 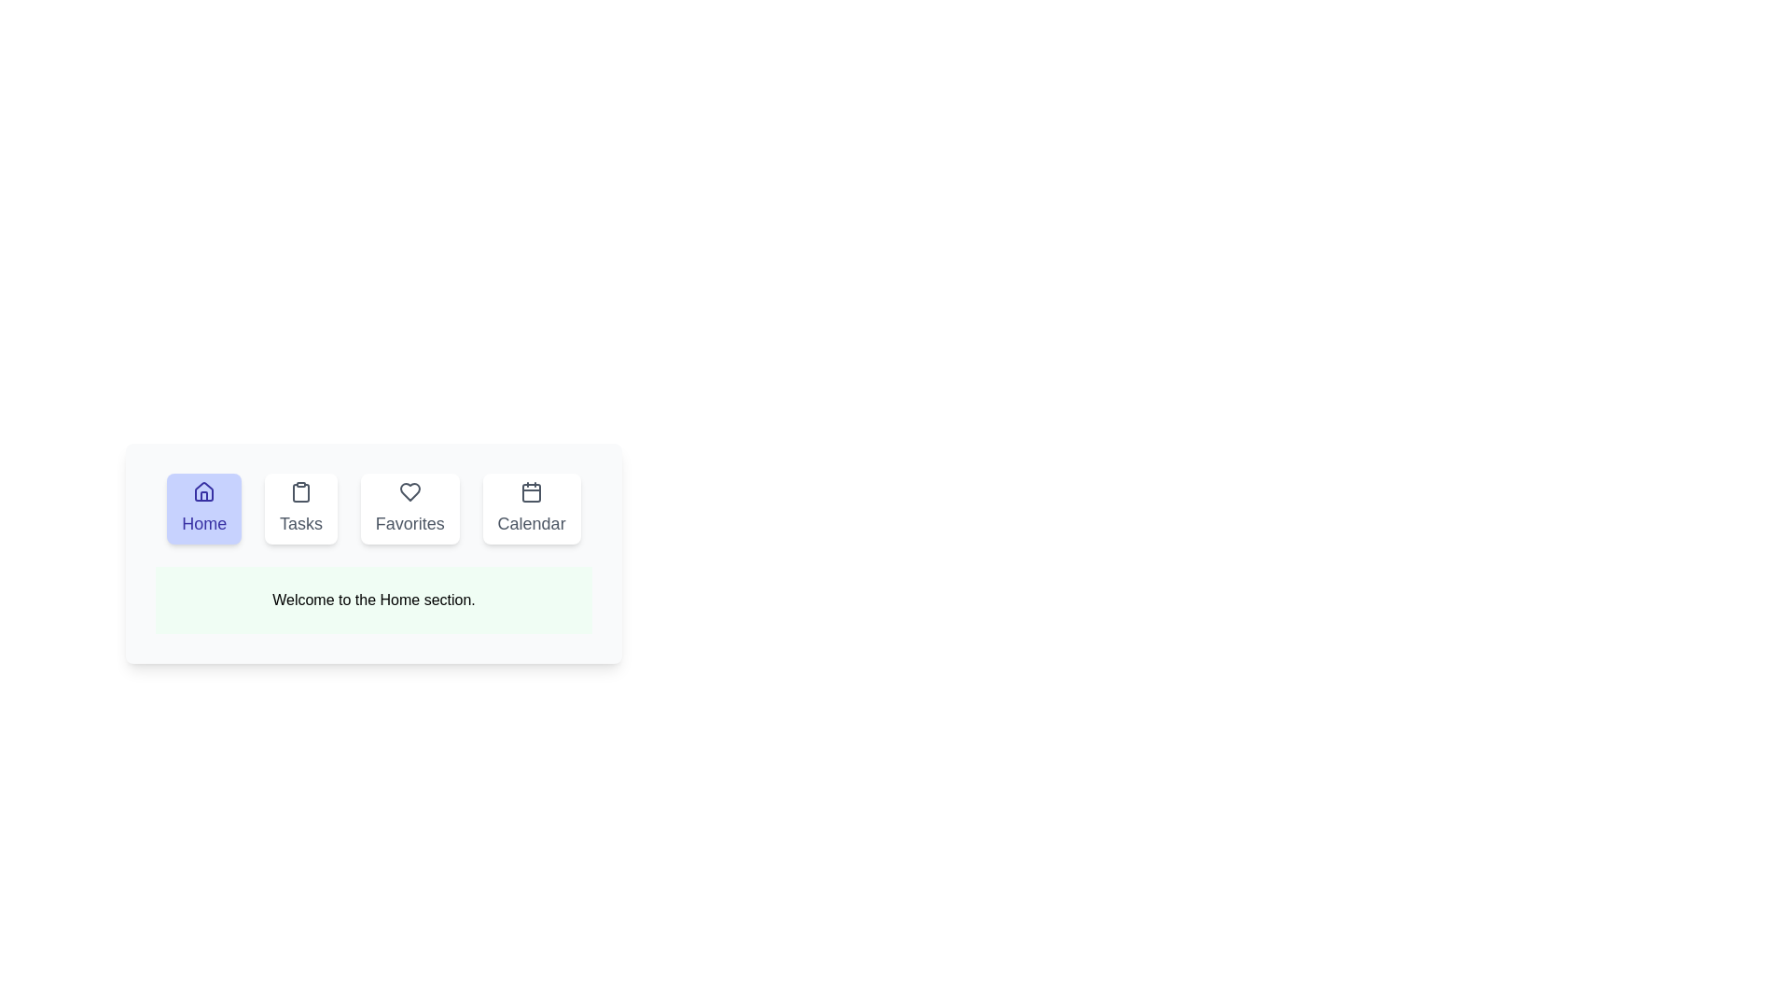 I want to click on the tab Home by clicking on its button, so click(x=204, y=509).